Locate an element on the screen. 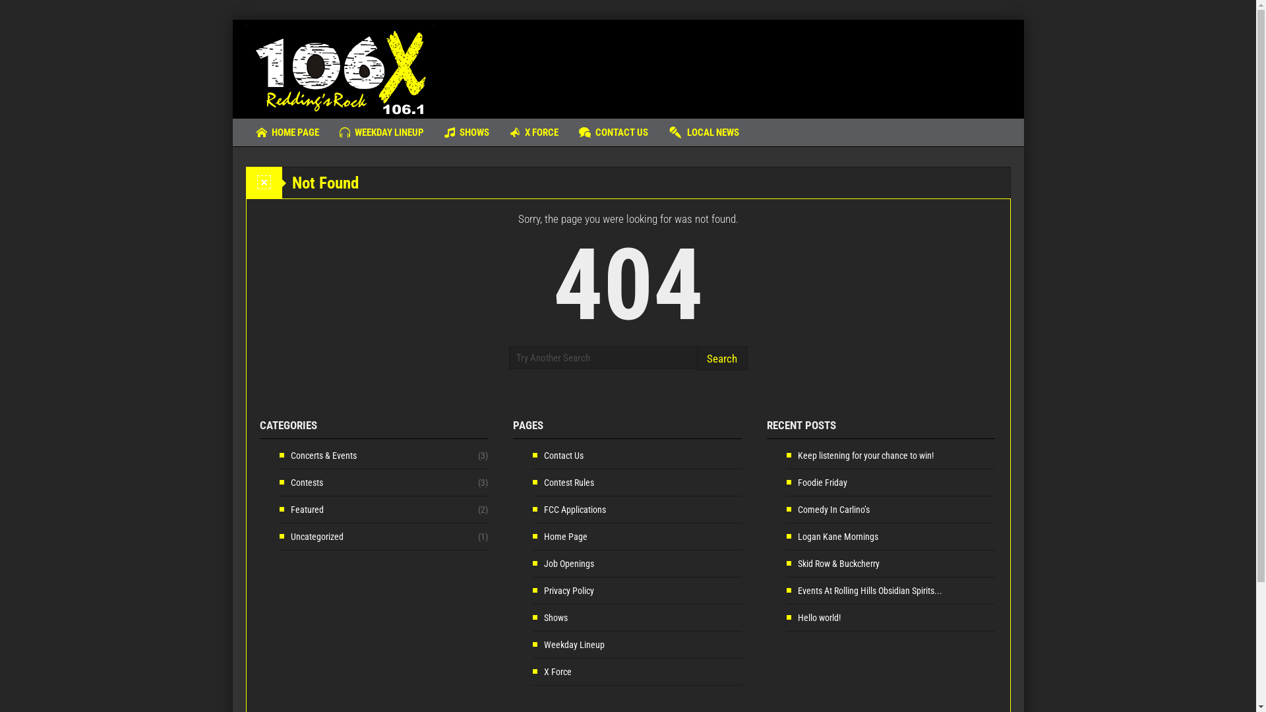 This screenshot has height=712, width=1266. 'Featured' is located at coordinates (301, 508).